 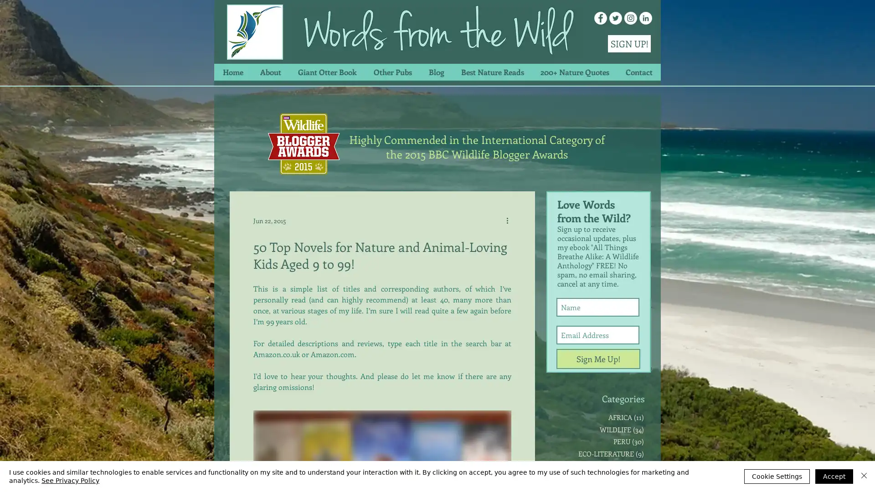 What do you see at coordinates (834, 476) in the screenshot?
I see `Accept` at bounding box center [834, 476].